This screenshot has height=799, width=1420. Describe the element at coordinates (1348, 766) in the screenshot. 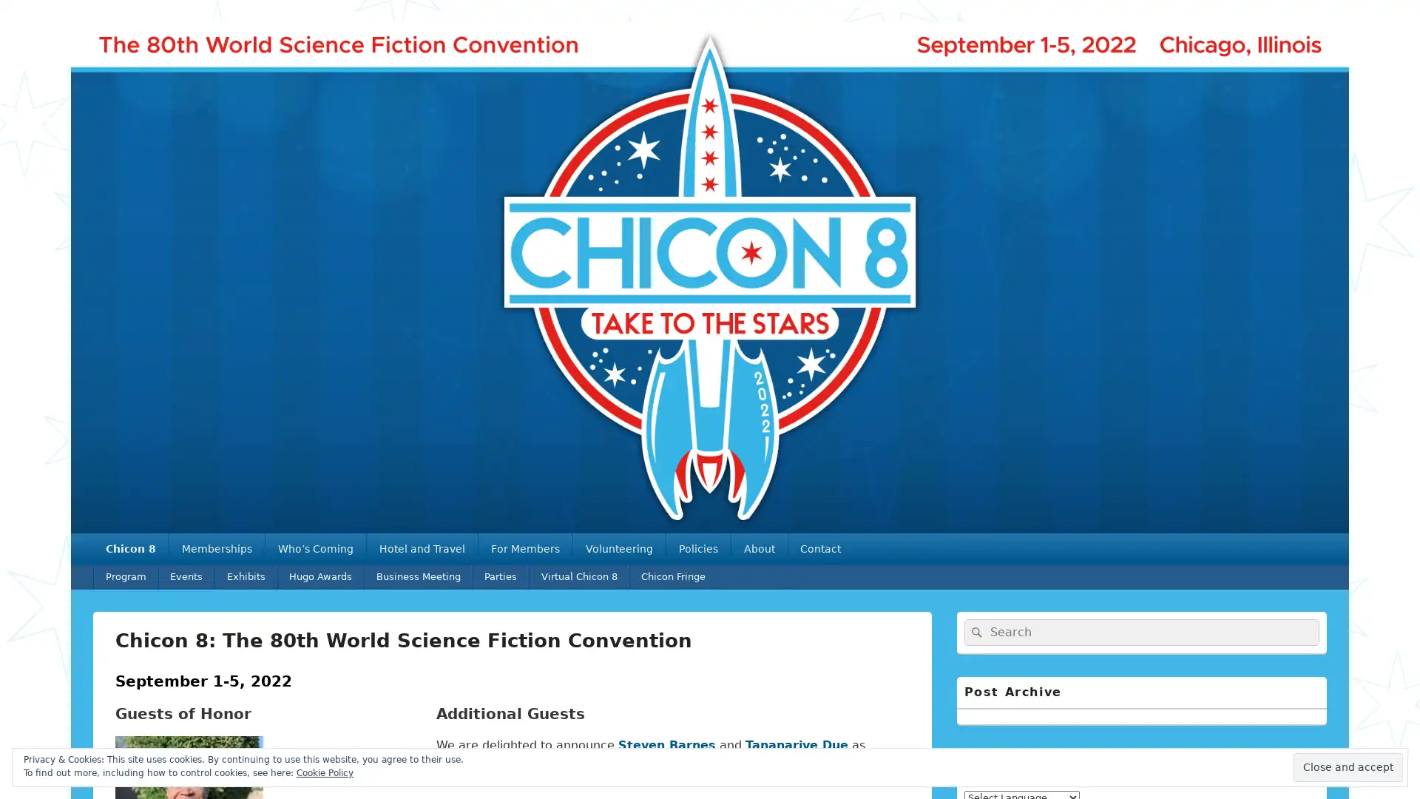

I see `Close and accept` at that location.